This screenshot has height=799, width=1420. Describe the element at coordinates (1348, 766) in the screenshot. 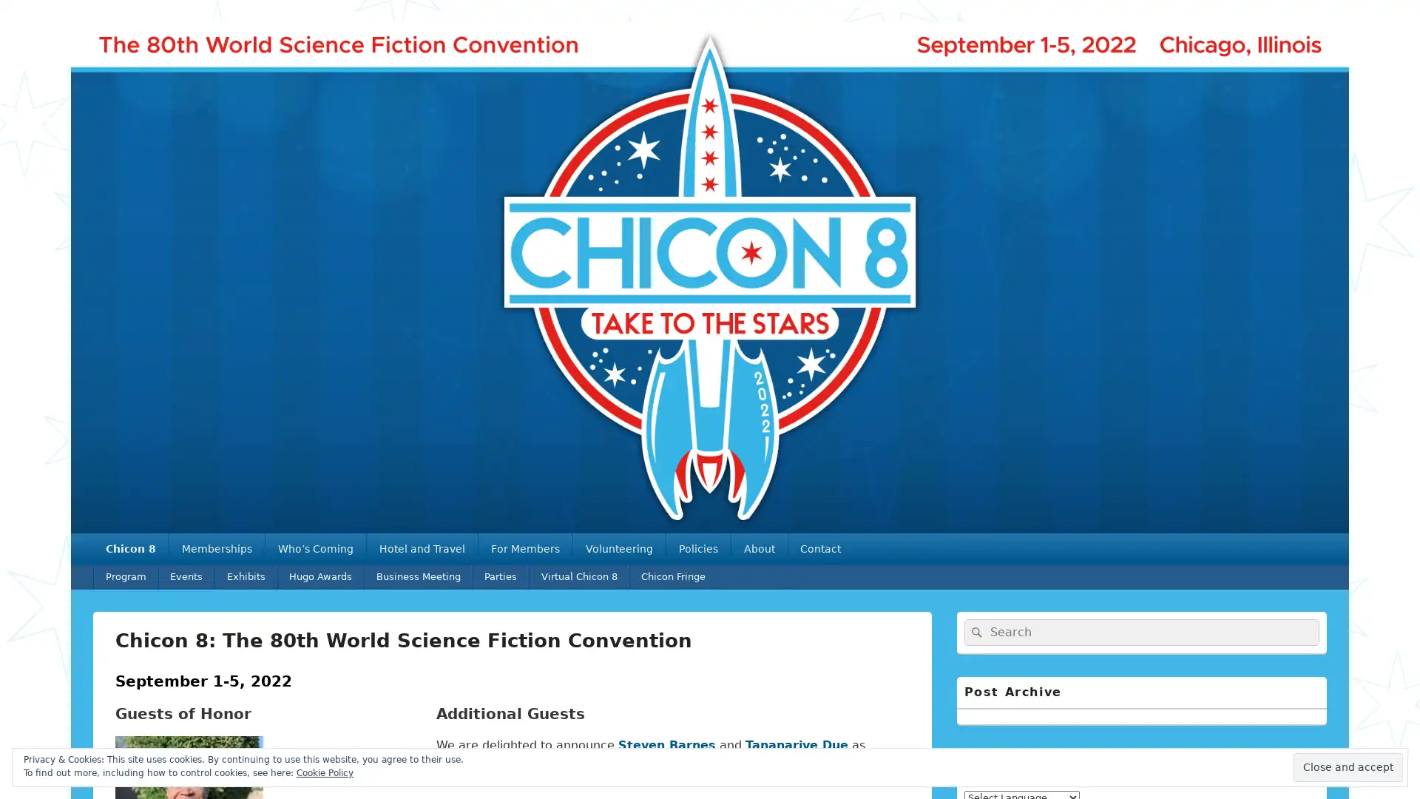

I see `Close and accept` at that location.